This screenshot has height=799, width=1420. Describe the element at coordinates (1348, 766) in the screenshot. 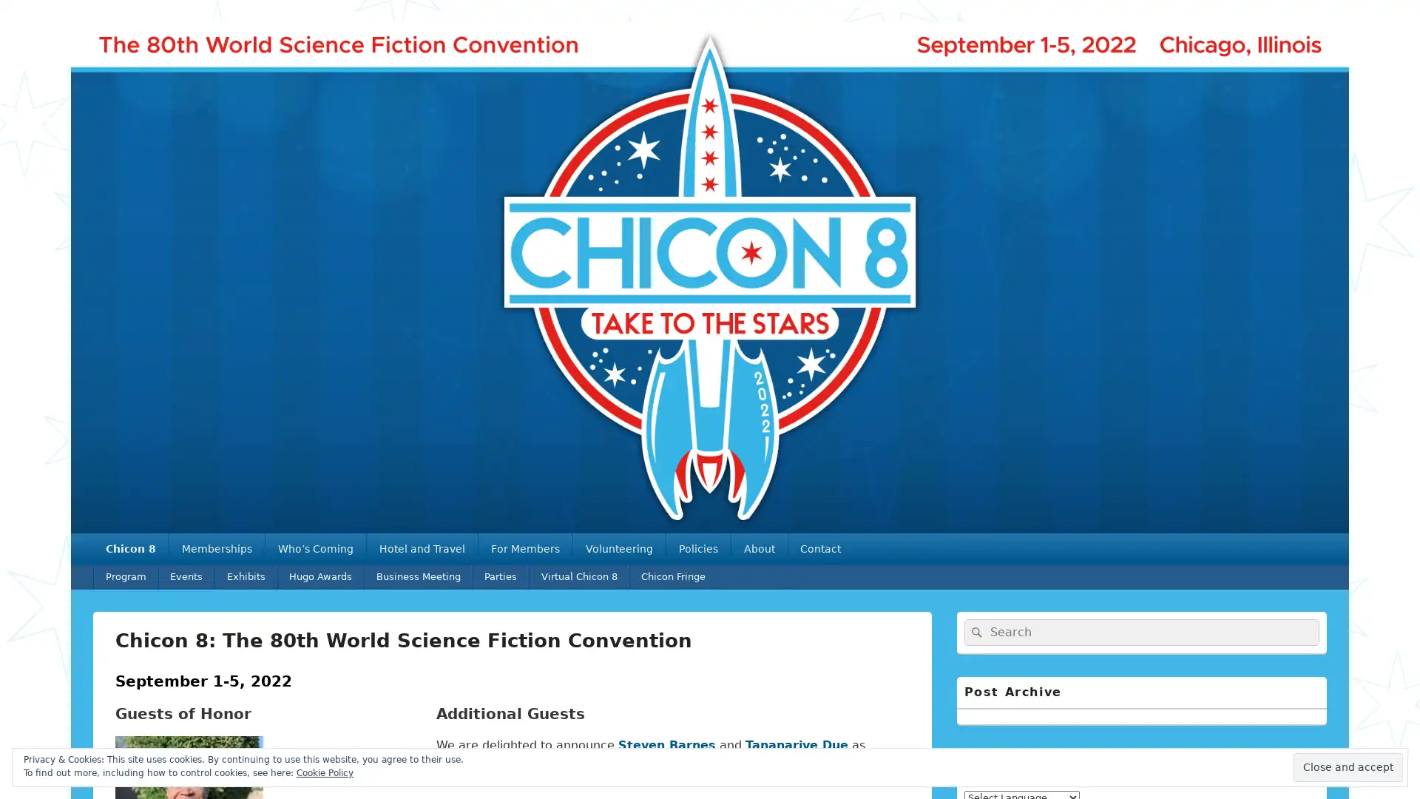

I see `Close and accept` at that location.